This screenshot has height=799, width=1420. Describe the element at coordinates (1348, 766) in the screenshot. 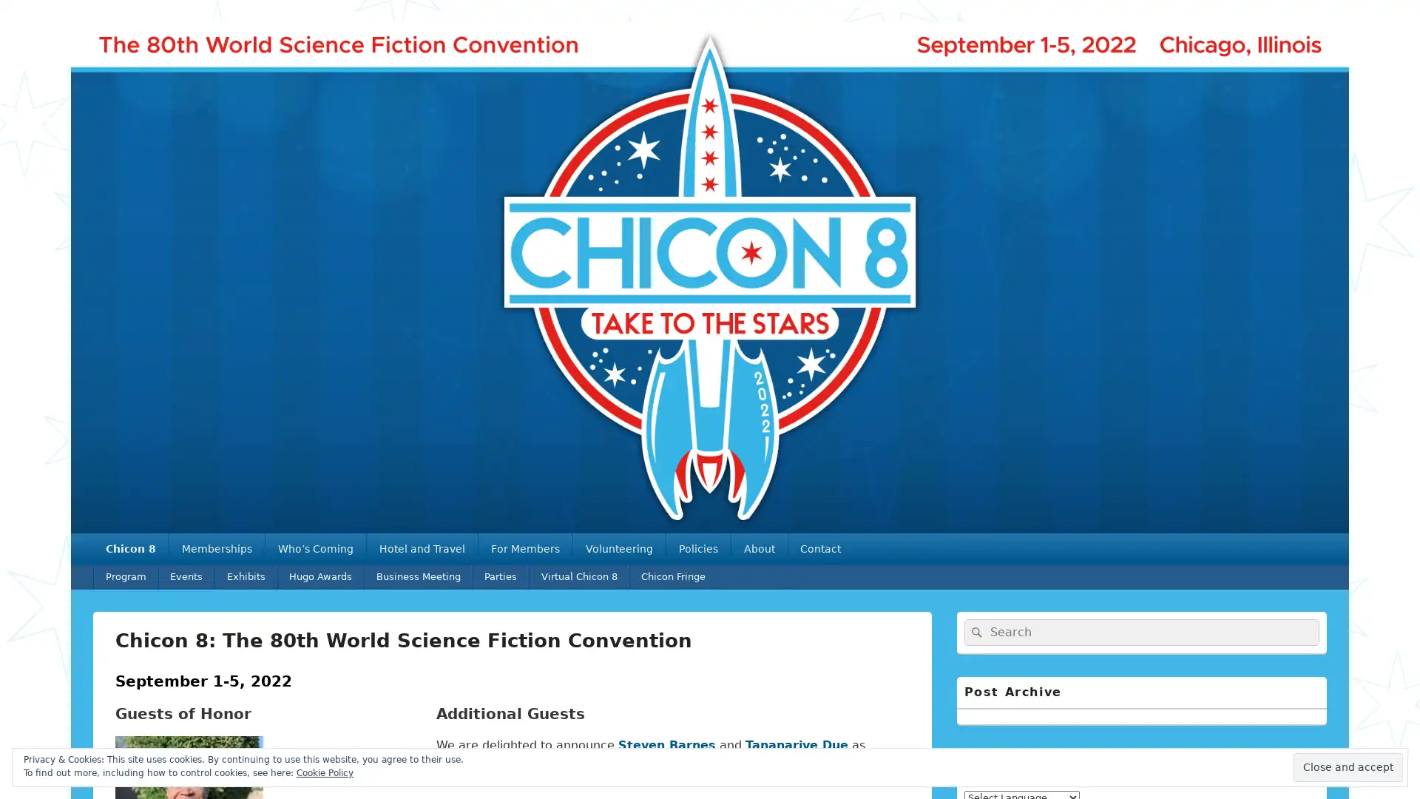

I see `Close and accept` at that location.